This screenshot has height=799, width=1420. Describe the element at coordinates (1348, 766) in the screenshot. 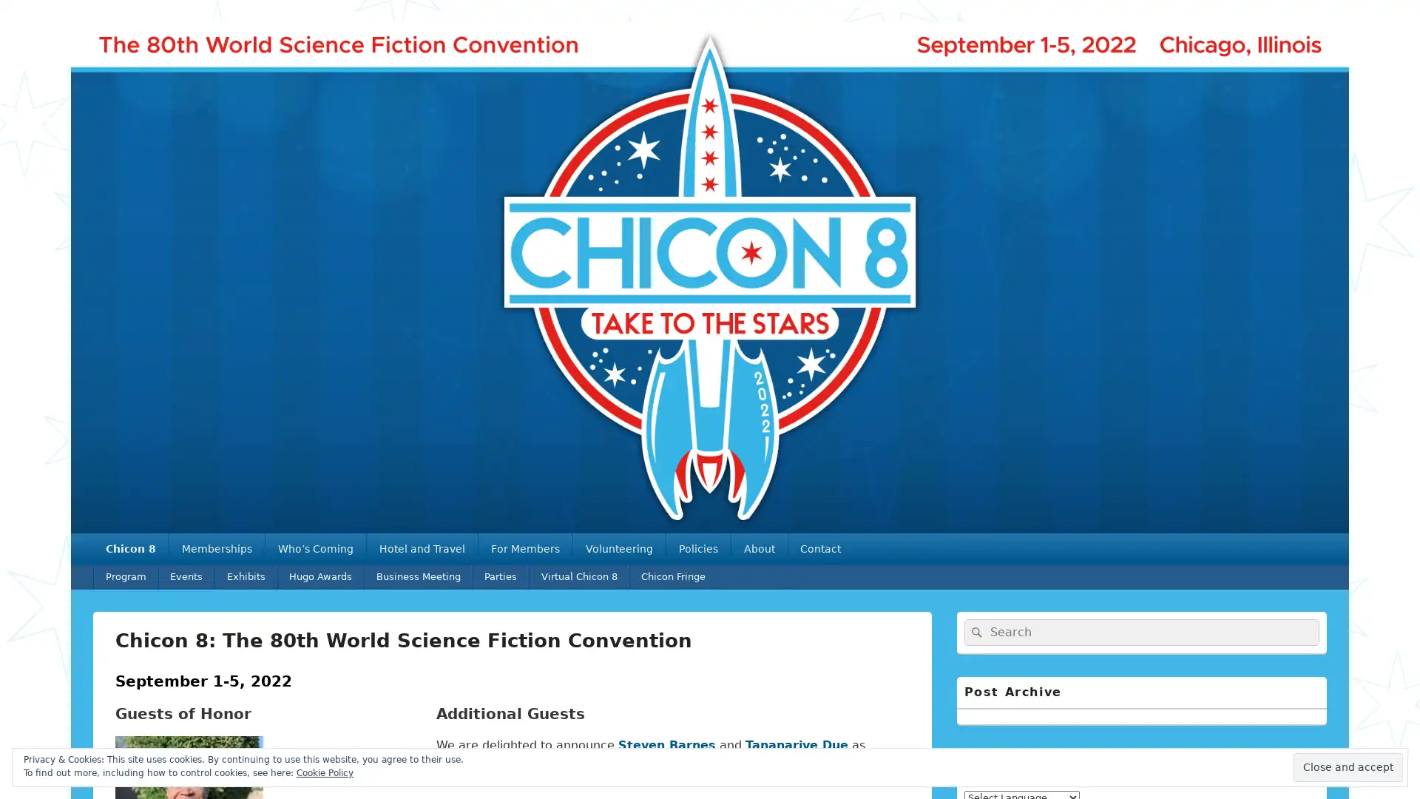

I see `Close and accept` at that location.